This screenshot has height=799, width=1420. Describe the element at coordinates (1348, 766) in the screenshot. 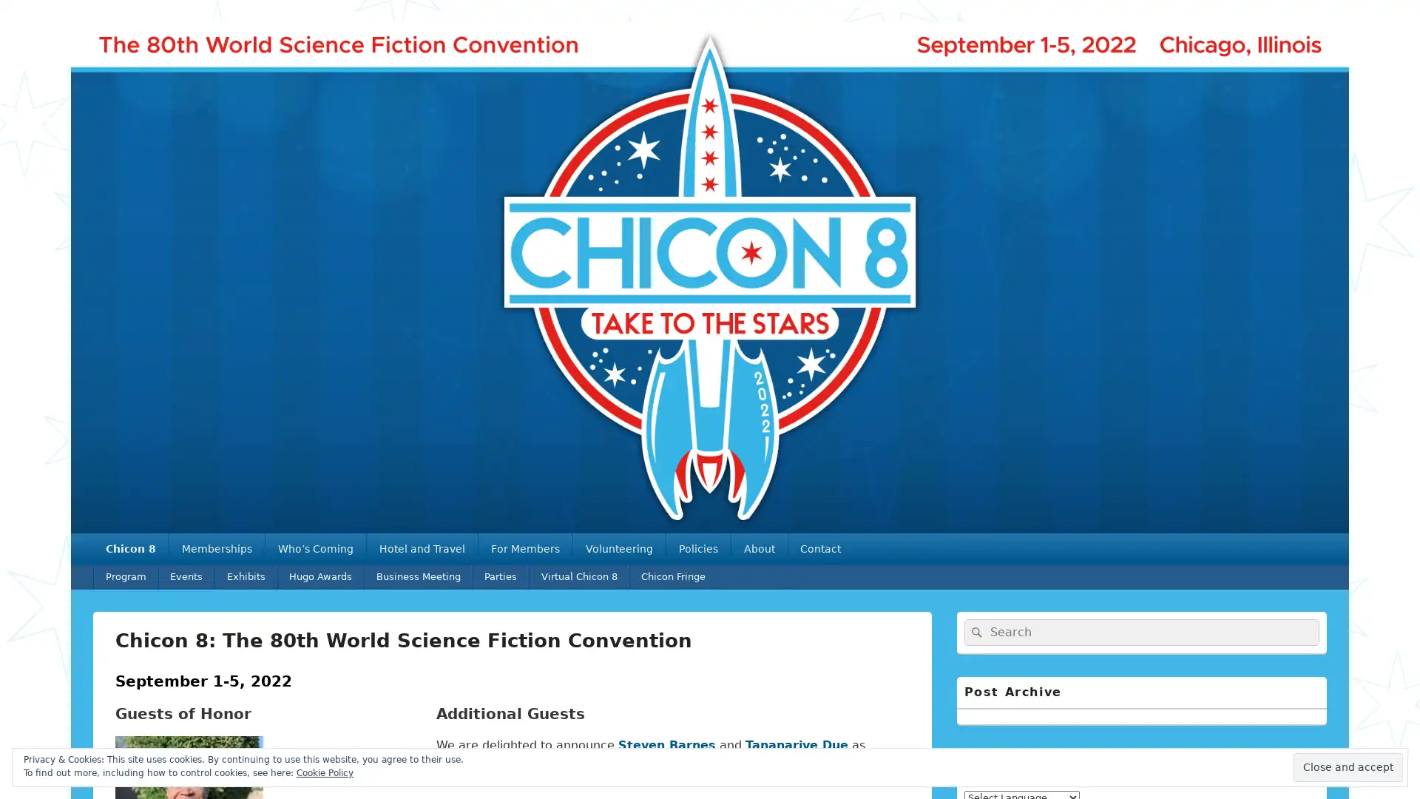

I see `Close and accept` at that location.